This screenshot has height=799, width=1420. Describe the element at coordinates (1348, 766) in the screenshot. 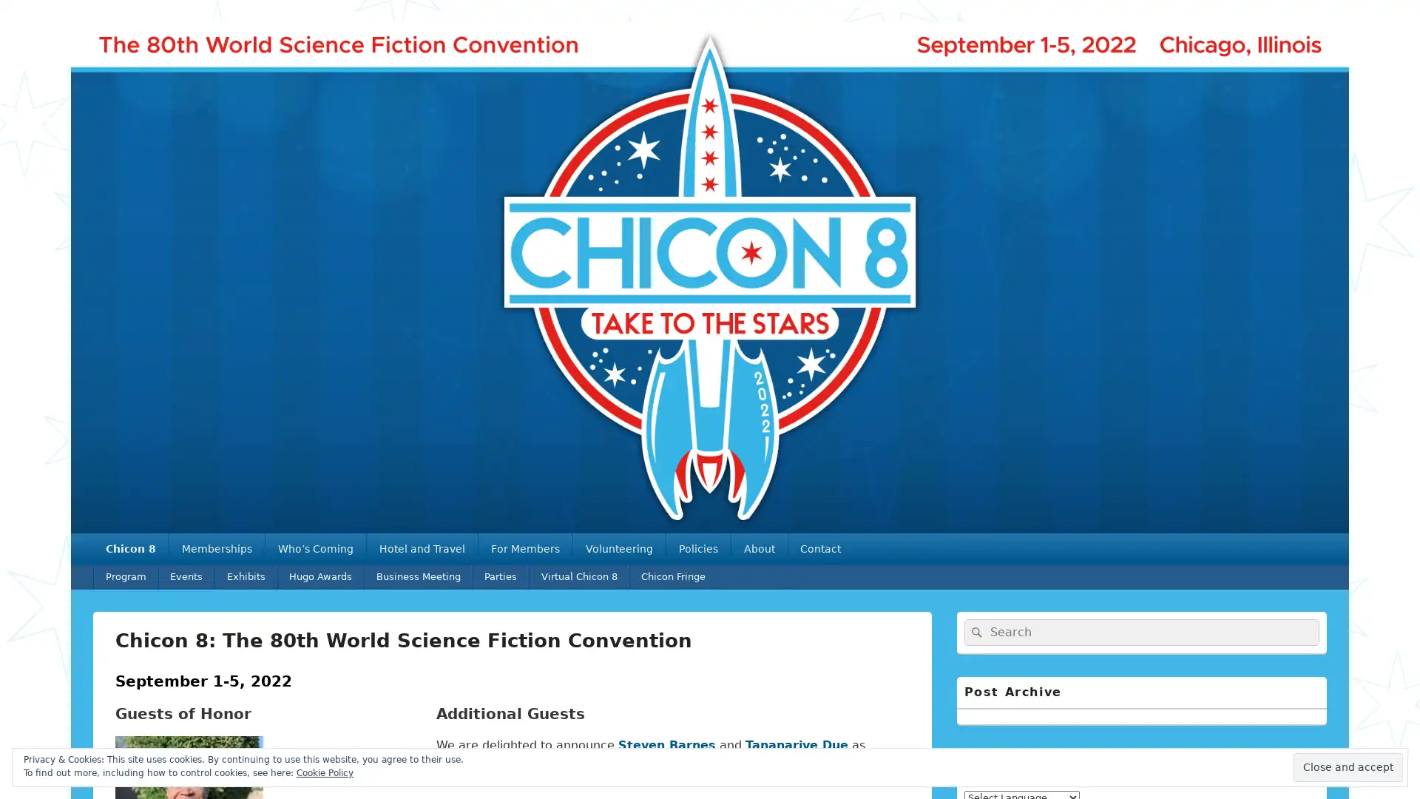

I see `Close and accept` at that location.